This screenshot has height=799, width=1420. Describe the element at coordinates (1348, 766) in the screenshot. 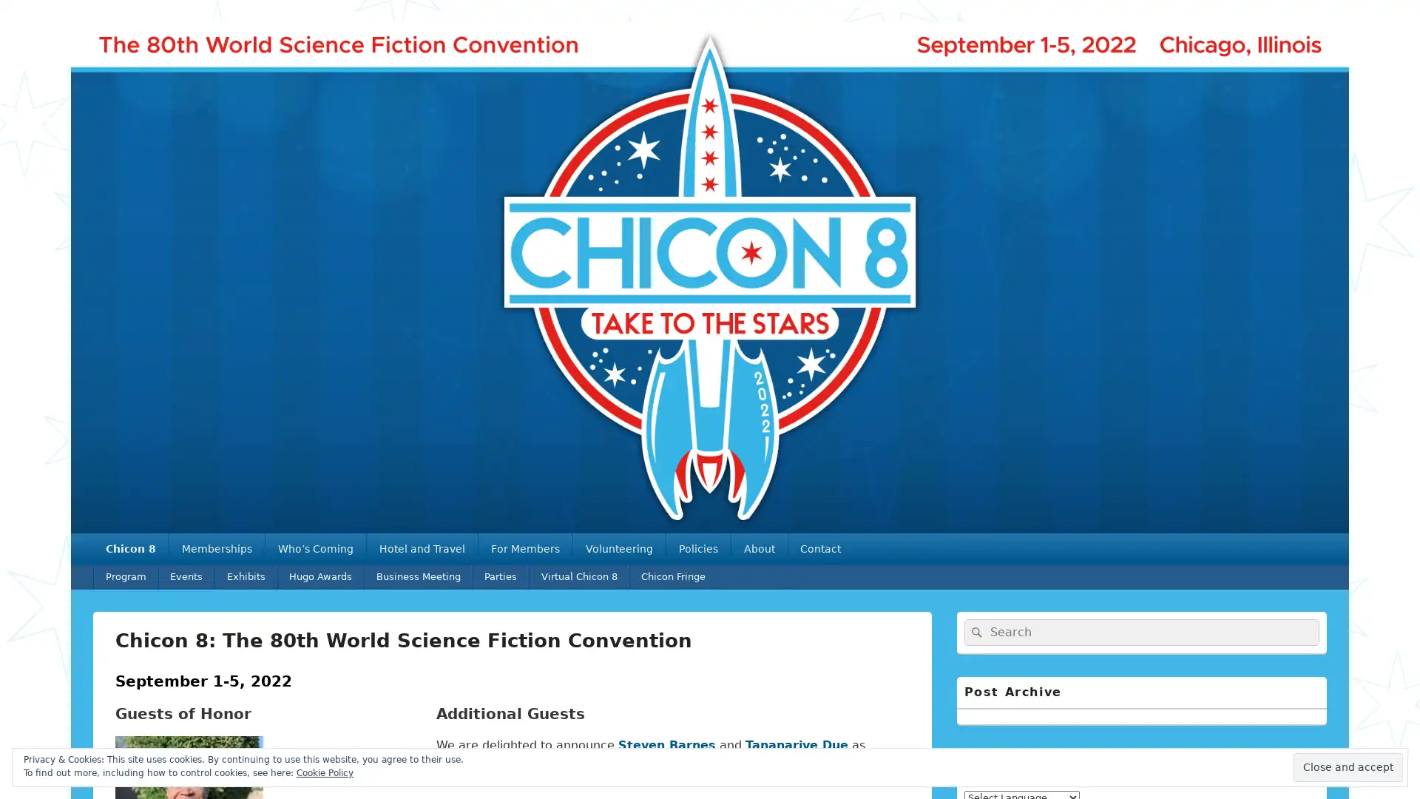

I see `Close and accept` at that location.